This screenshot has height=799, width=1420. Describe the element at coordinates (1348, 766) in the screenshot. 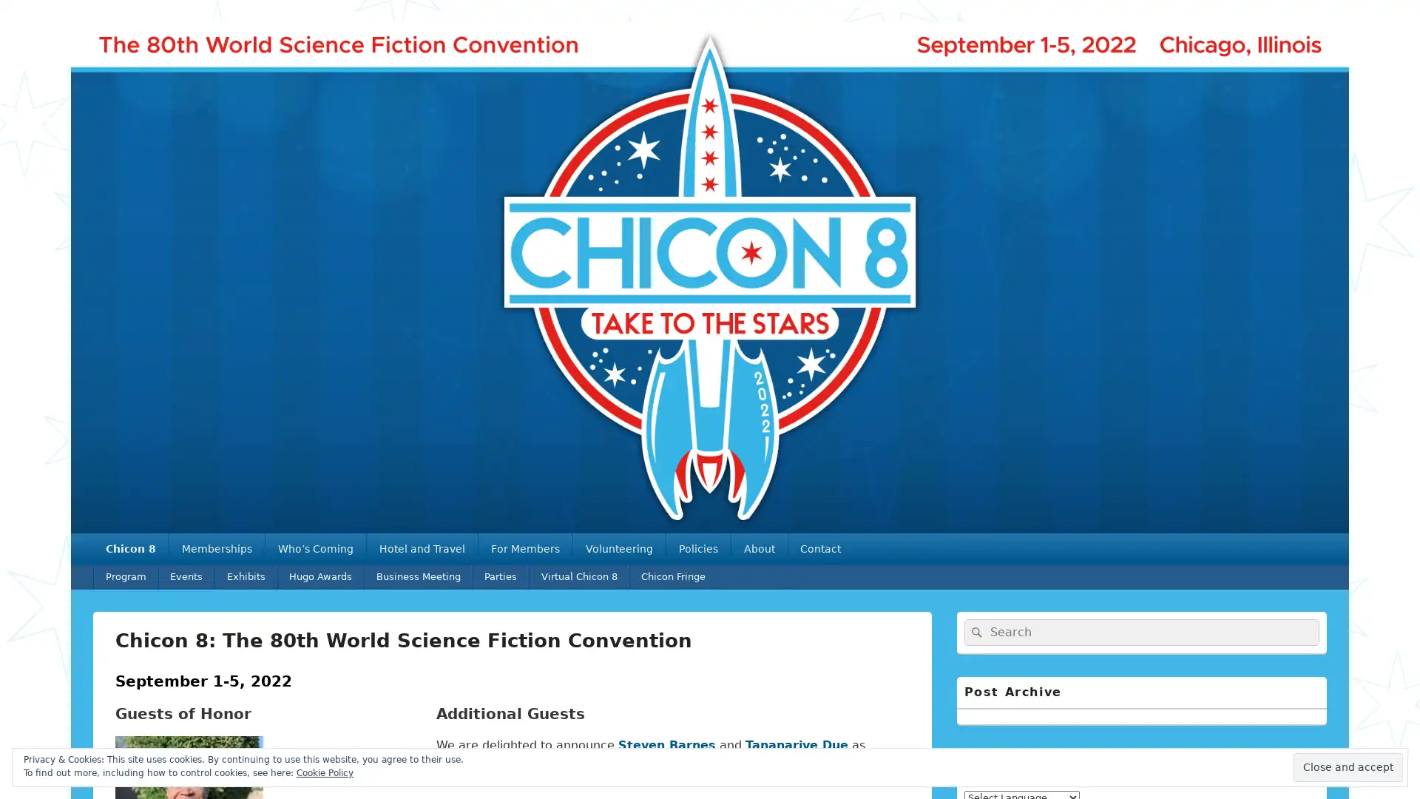

I see `Close and accept` at that location.